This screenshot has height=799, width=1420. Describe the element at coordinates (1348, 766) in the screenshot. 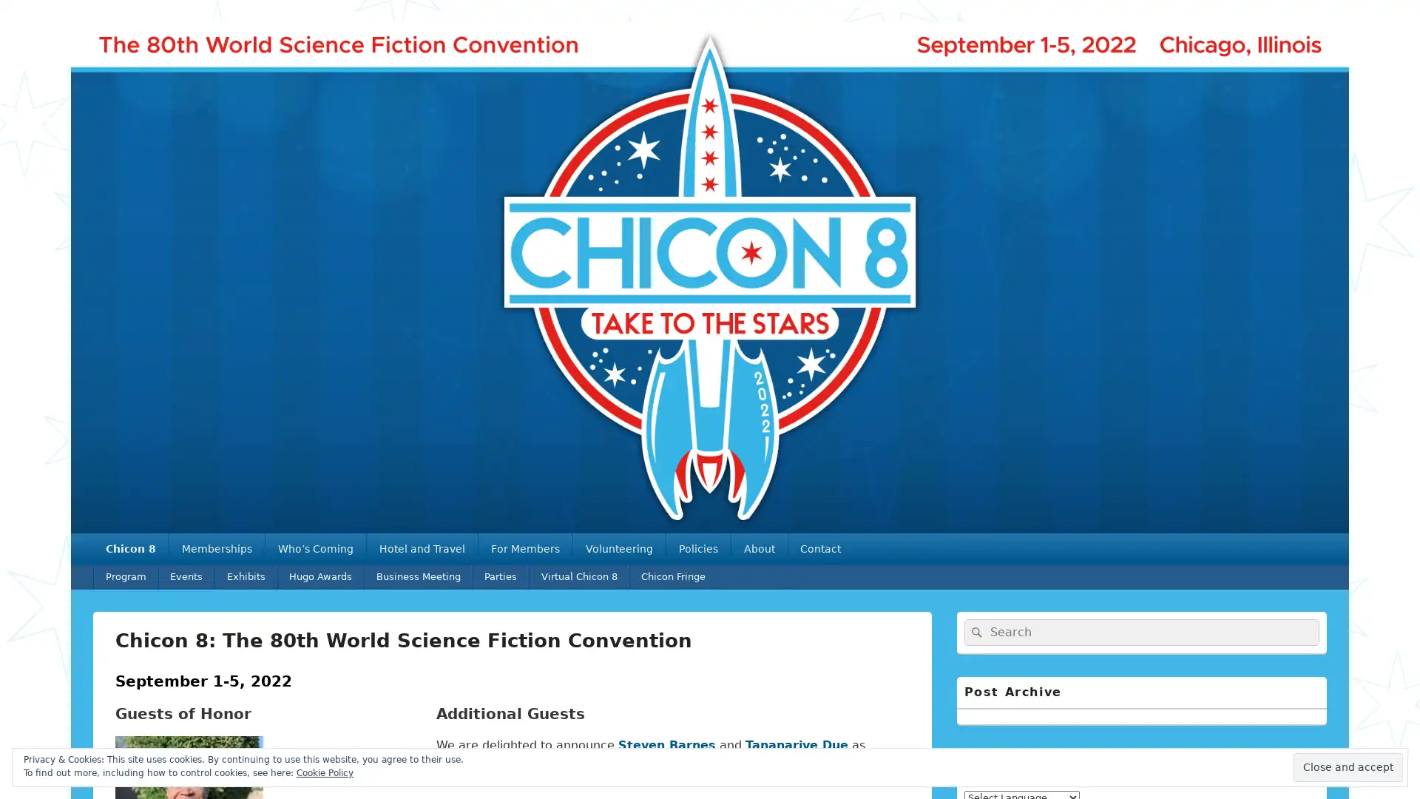

I see `Close and accept` at that location.